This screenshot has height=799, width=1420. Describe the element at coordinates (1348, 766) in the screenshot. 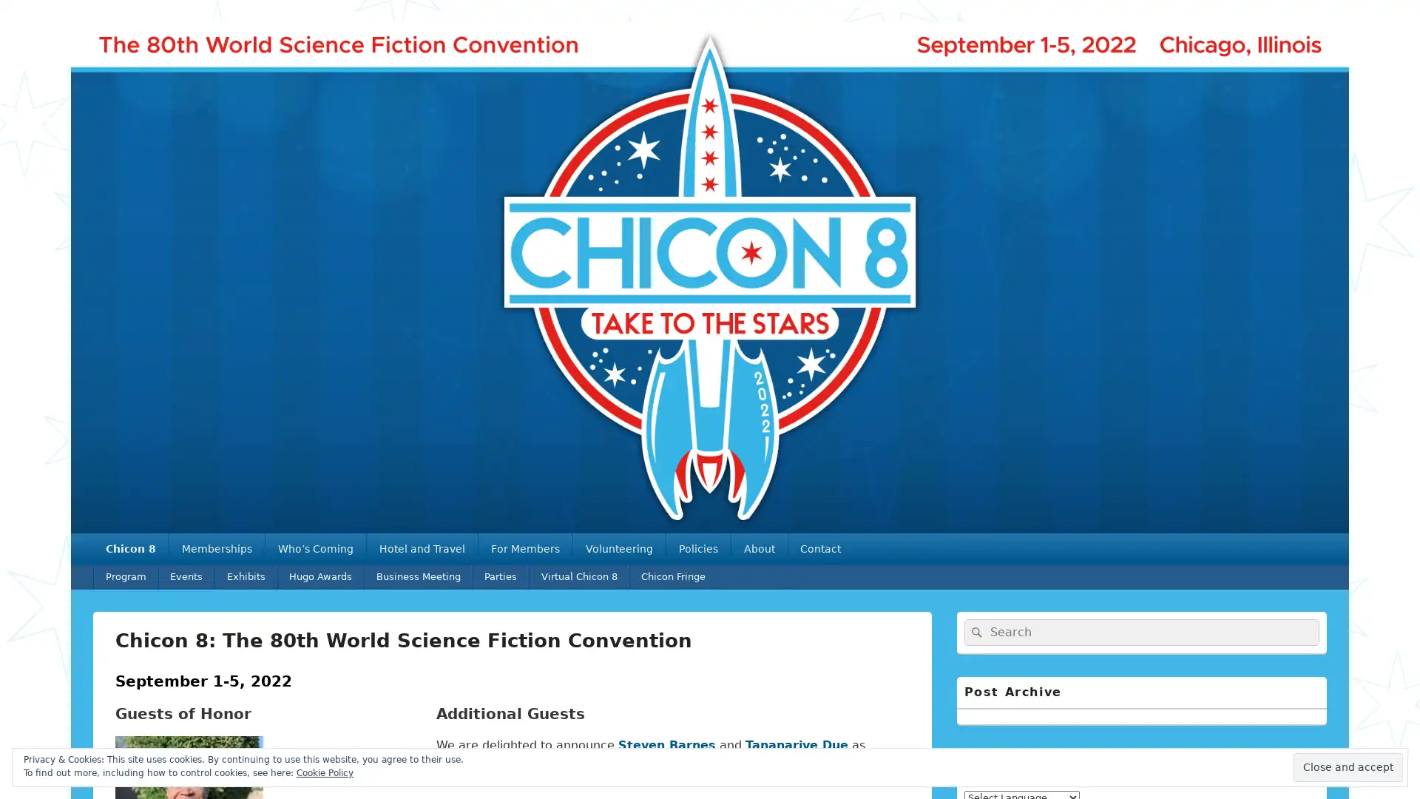

I see `Close and accept` at that location.